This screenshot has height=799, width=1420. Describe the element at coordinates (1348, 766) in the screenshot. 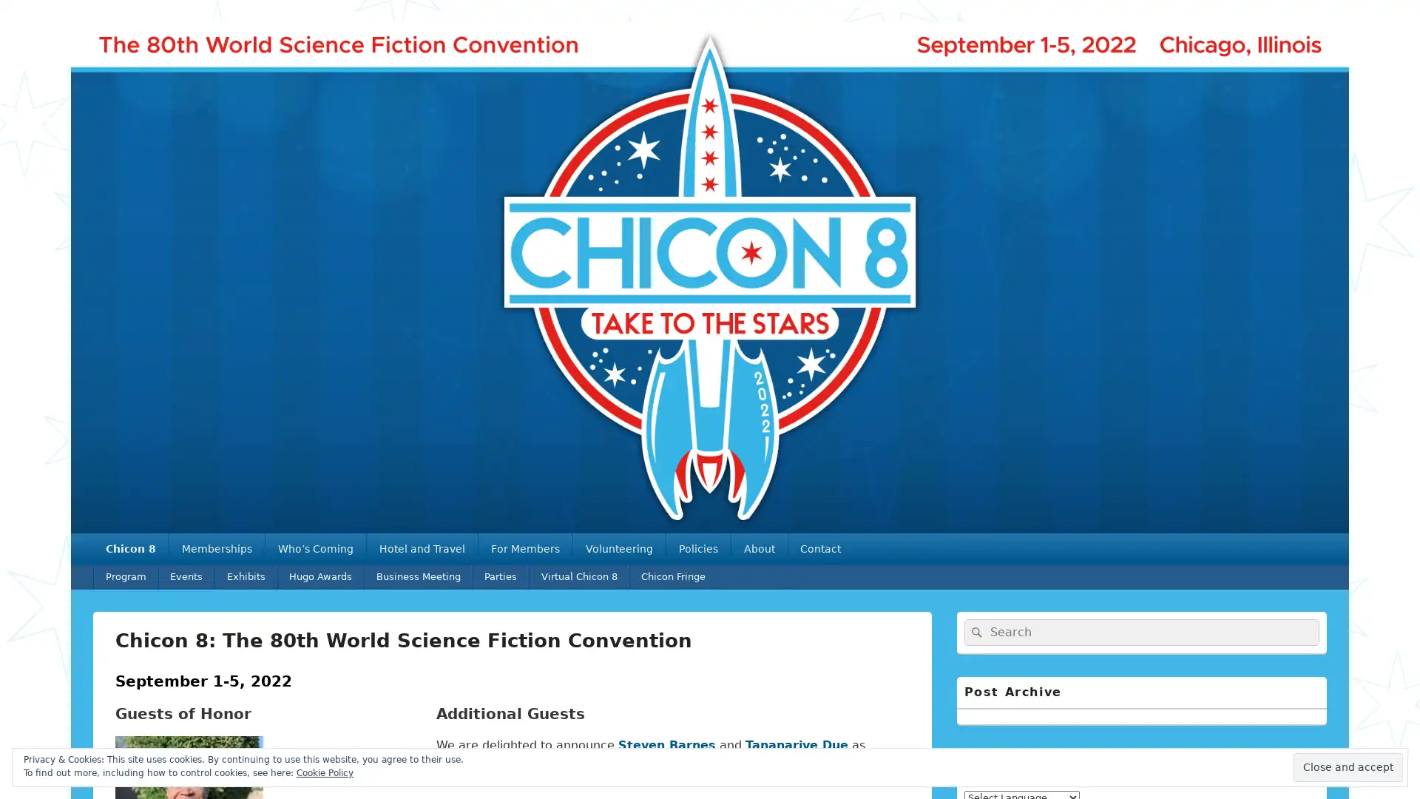

I see `Close and accept` at that location.